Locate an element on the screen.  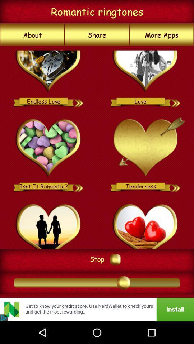
the about icon is located at coordinates (32, 35).